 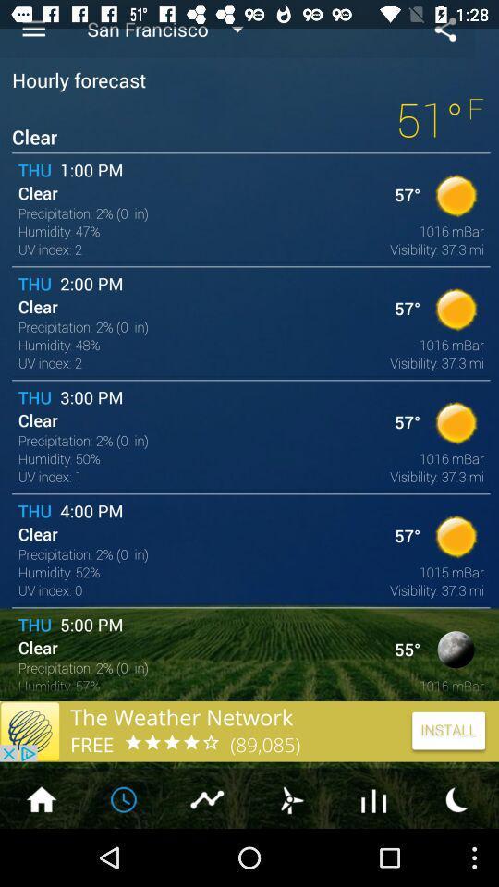 I want to click on the time icon, so click(x=125, y=855).